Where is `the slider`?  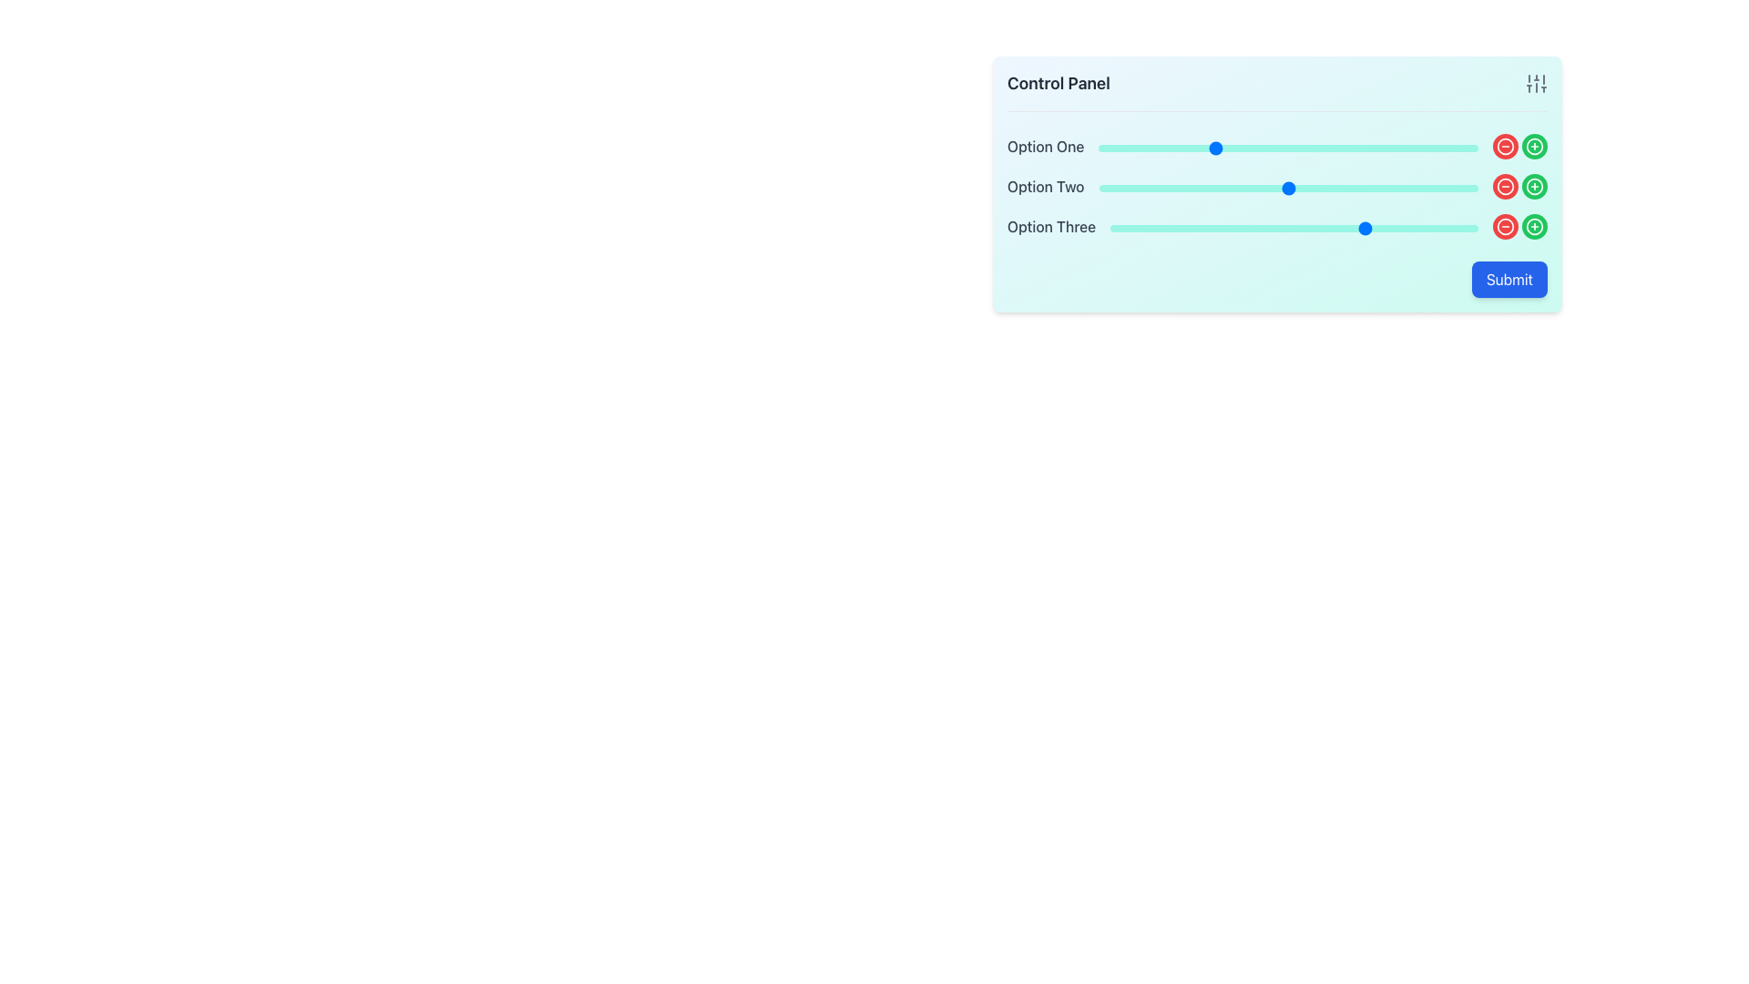 the slider is located at coordinates (1242, 189).